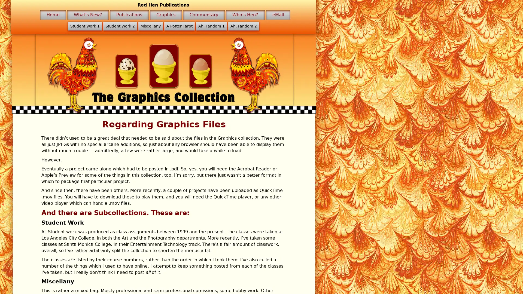 The height and width of the screenshot is (294, 523). I want to click on Student Work 1, so click(84, 26).